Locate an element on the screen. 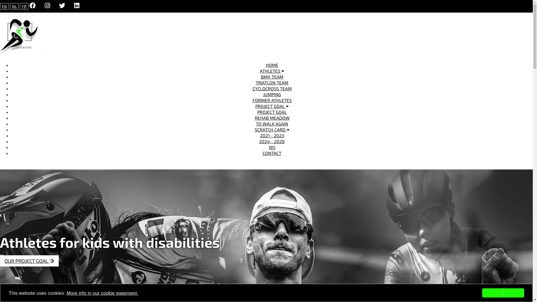  '185' is located at coordinates (272, 147).